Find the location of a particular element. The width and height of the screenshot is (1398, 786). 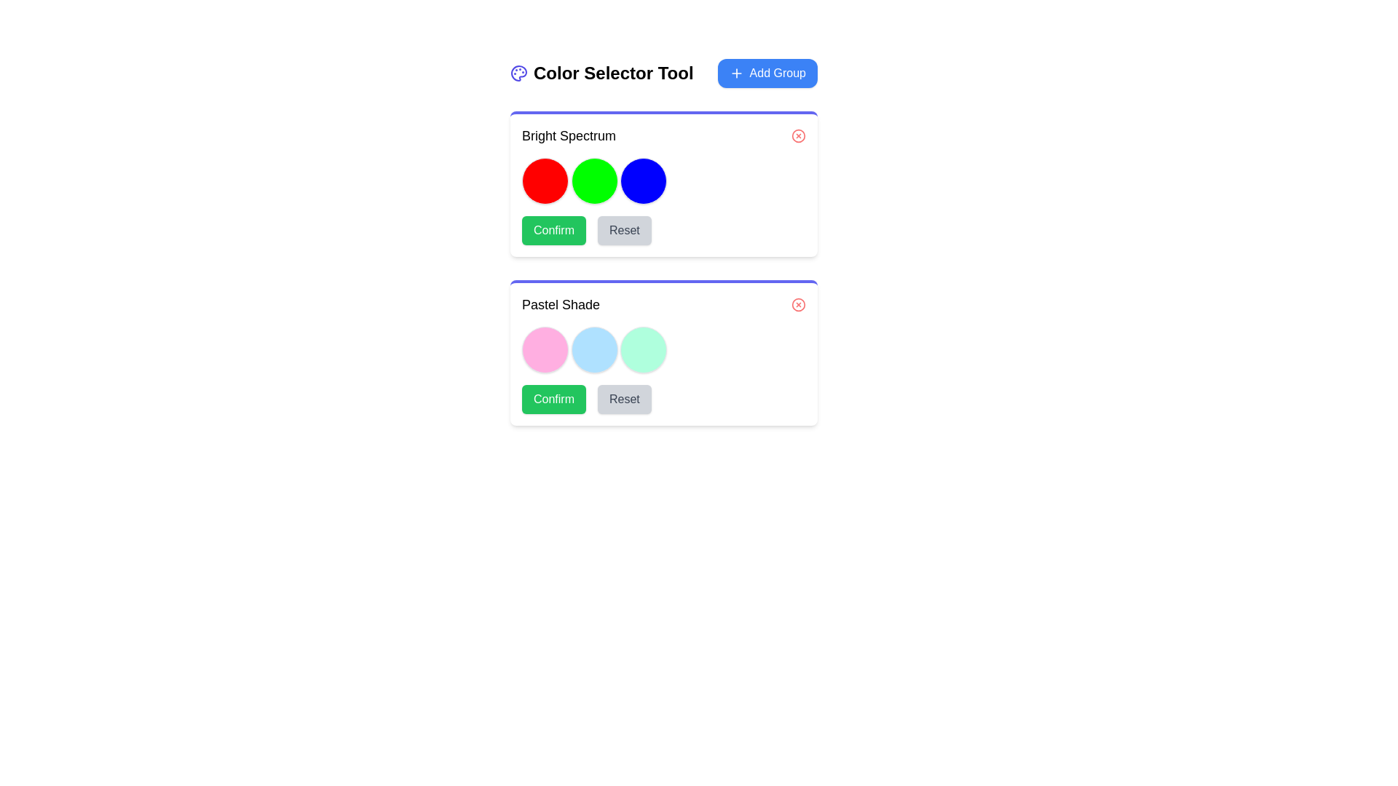

the 'Confirm' button, which is a rectangular button with white text on a green background located at the bottom-left of the 'Bright Spectrum' panel, to change its color is located at coordinates (553, 229).